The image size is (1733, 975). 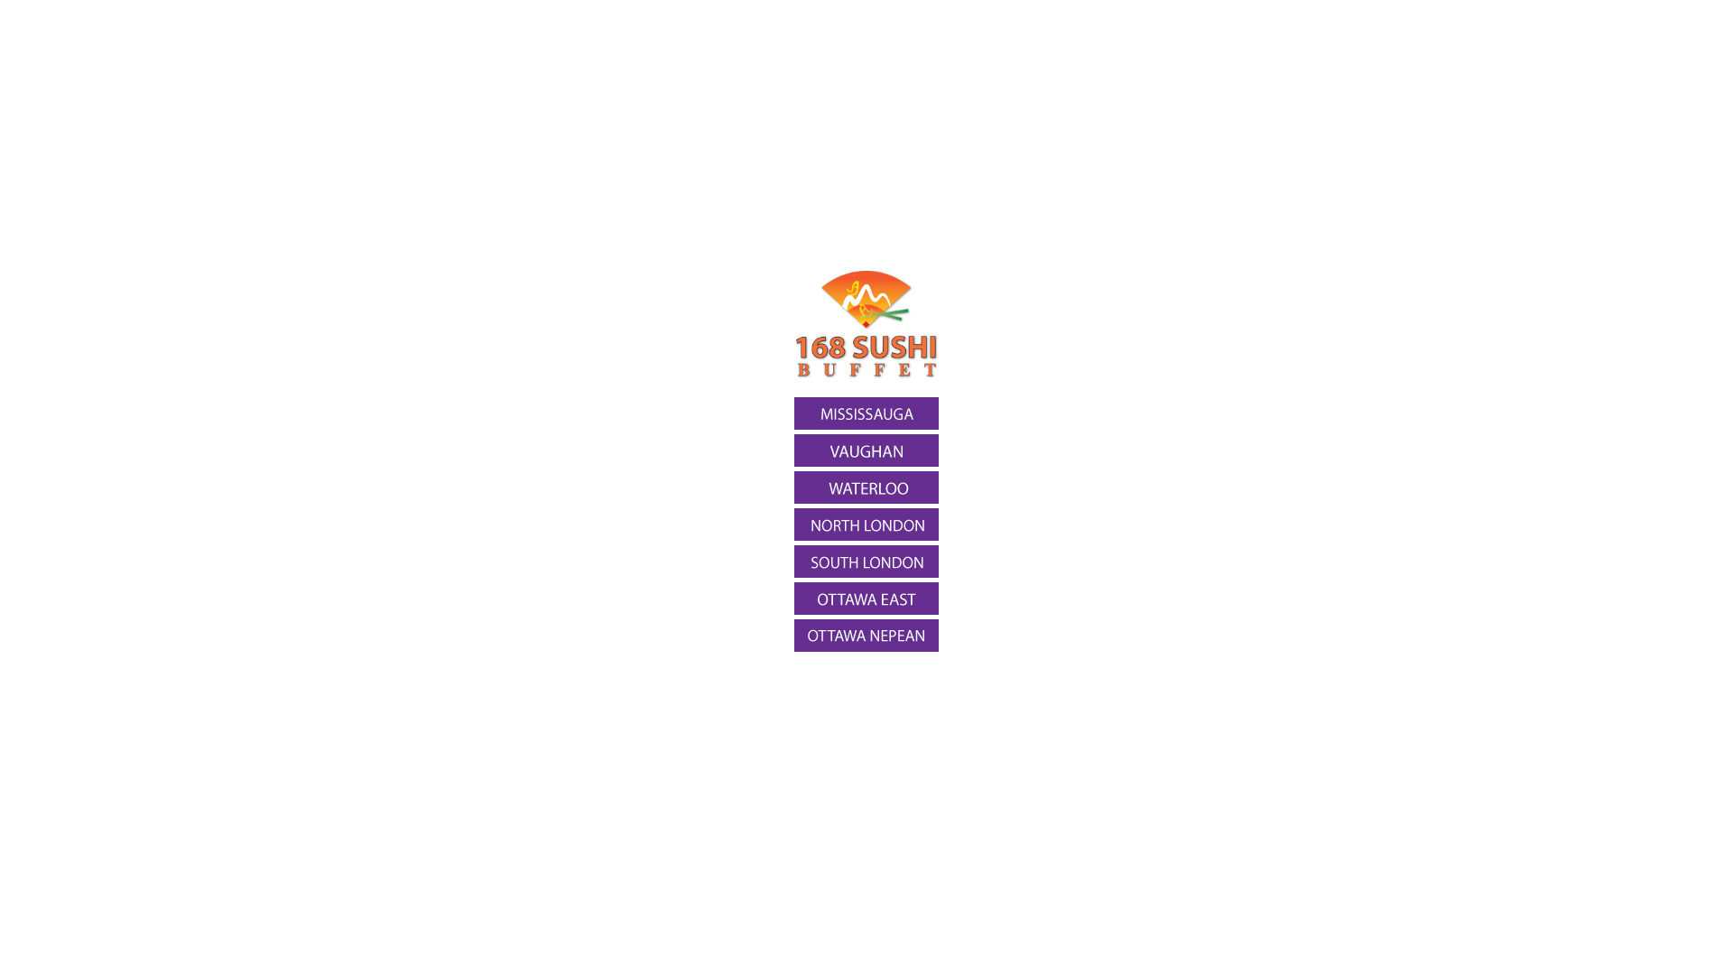 What do you see at coordinates (866, 525) in the screenshot?
I see `'North London'` at bounding box center [866, 525].